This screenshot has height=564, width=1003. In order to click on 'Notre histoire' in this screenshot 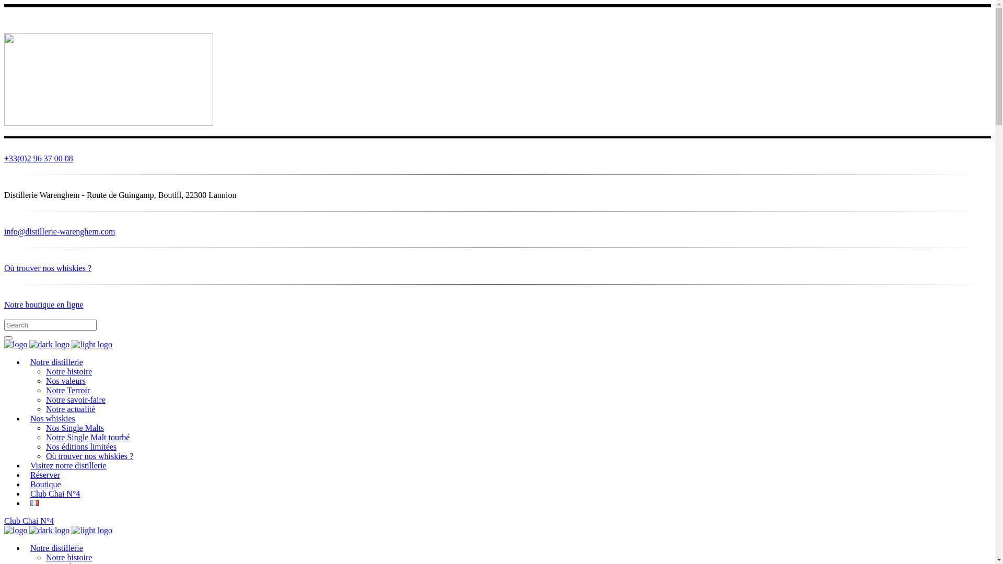, I will do `click(68, 371)`.